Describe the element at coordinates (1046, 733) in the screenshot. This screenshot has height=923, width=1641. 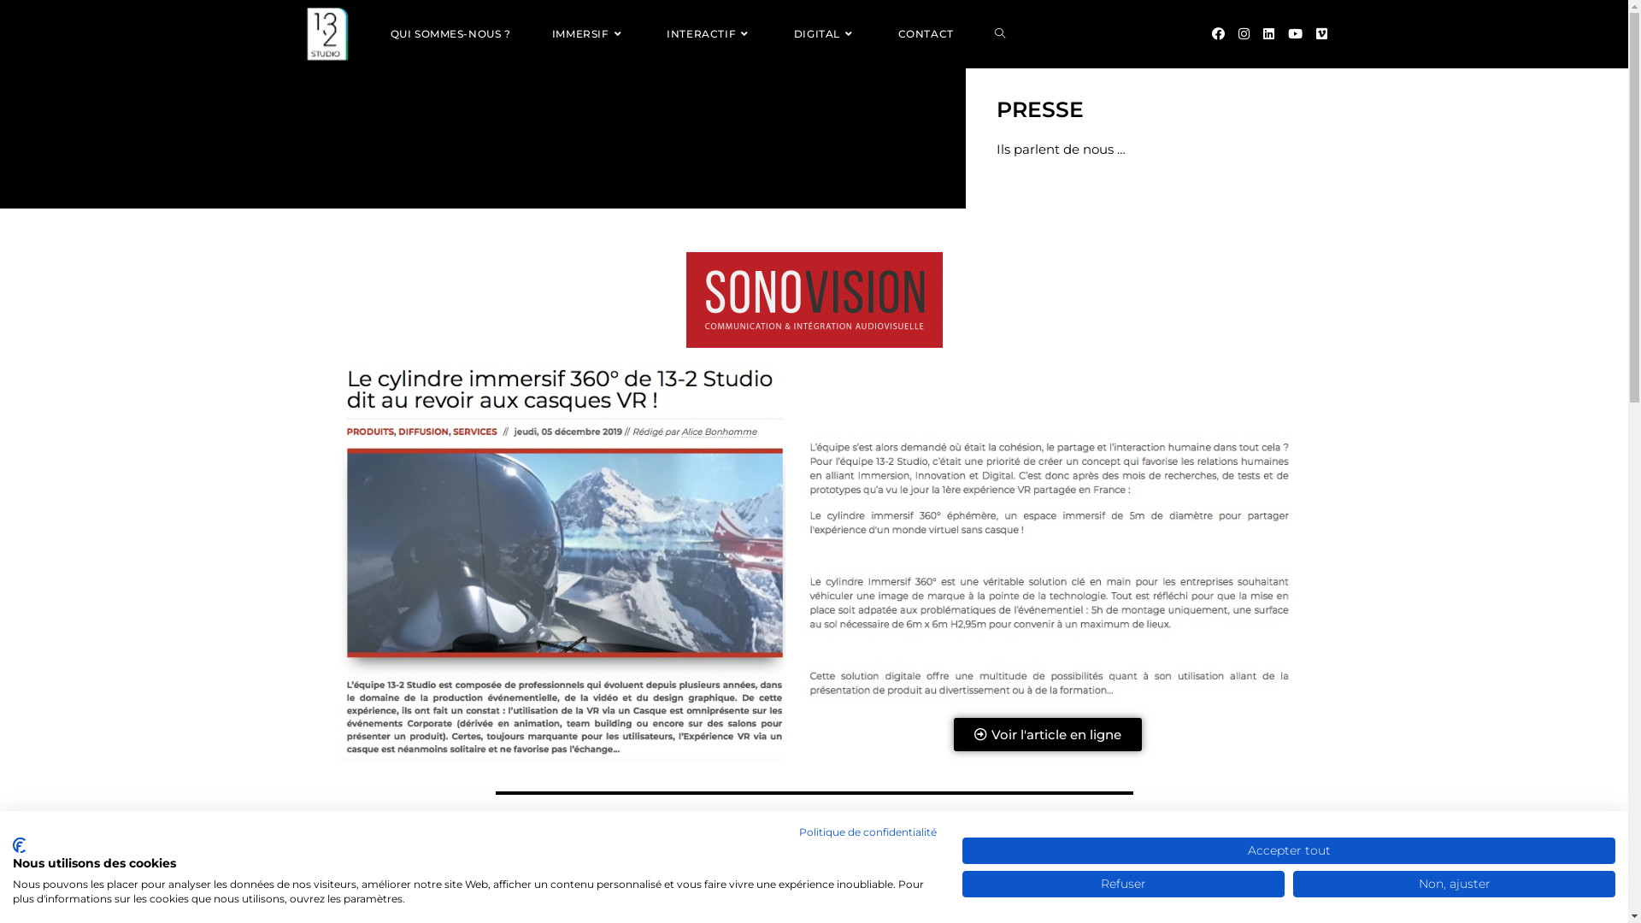
I see `'Voir l'article en ligne'` at that location.